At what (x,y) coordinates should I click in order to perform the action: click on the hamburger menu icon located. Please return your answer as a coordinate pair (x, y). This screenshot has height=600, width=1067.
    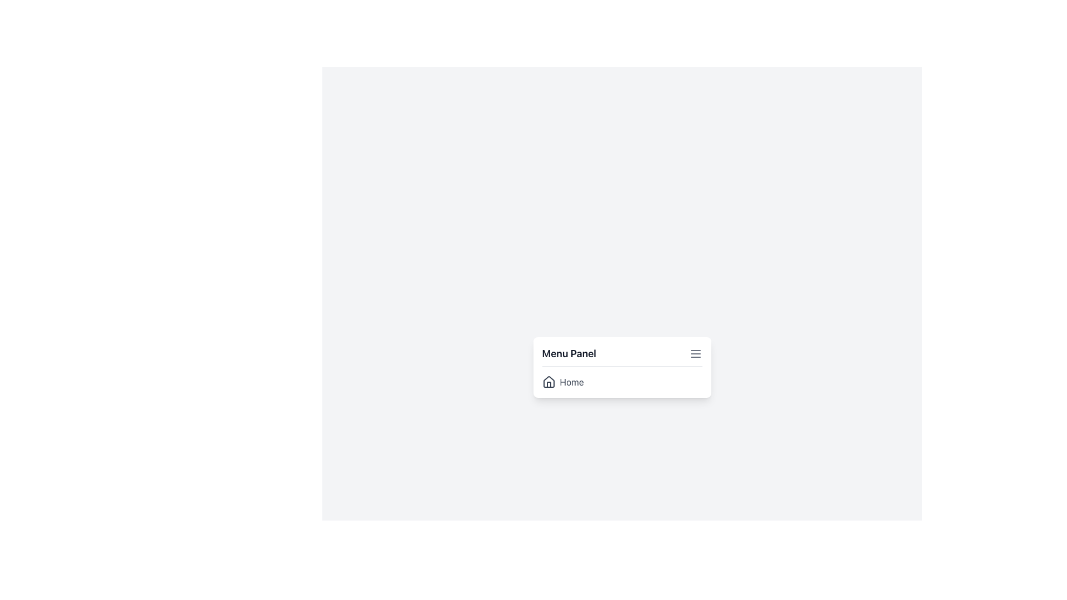
    Looking at the image, I should click on (695, 353).